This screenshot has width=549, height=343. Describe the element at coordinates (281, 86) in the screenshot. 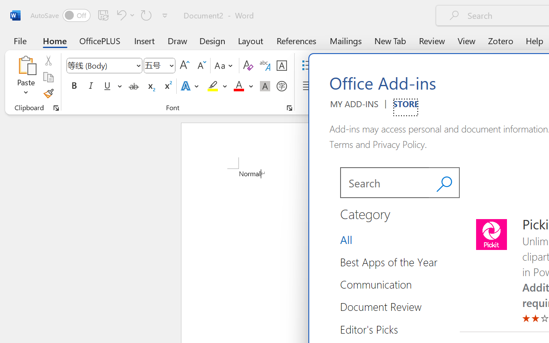

I see `'Enclose Characters...'` at that location.